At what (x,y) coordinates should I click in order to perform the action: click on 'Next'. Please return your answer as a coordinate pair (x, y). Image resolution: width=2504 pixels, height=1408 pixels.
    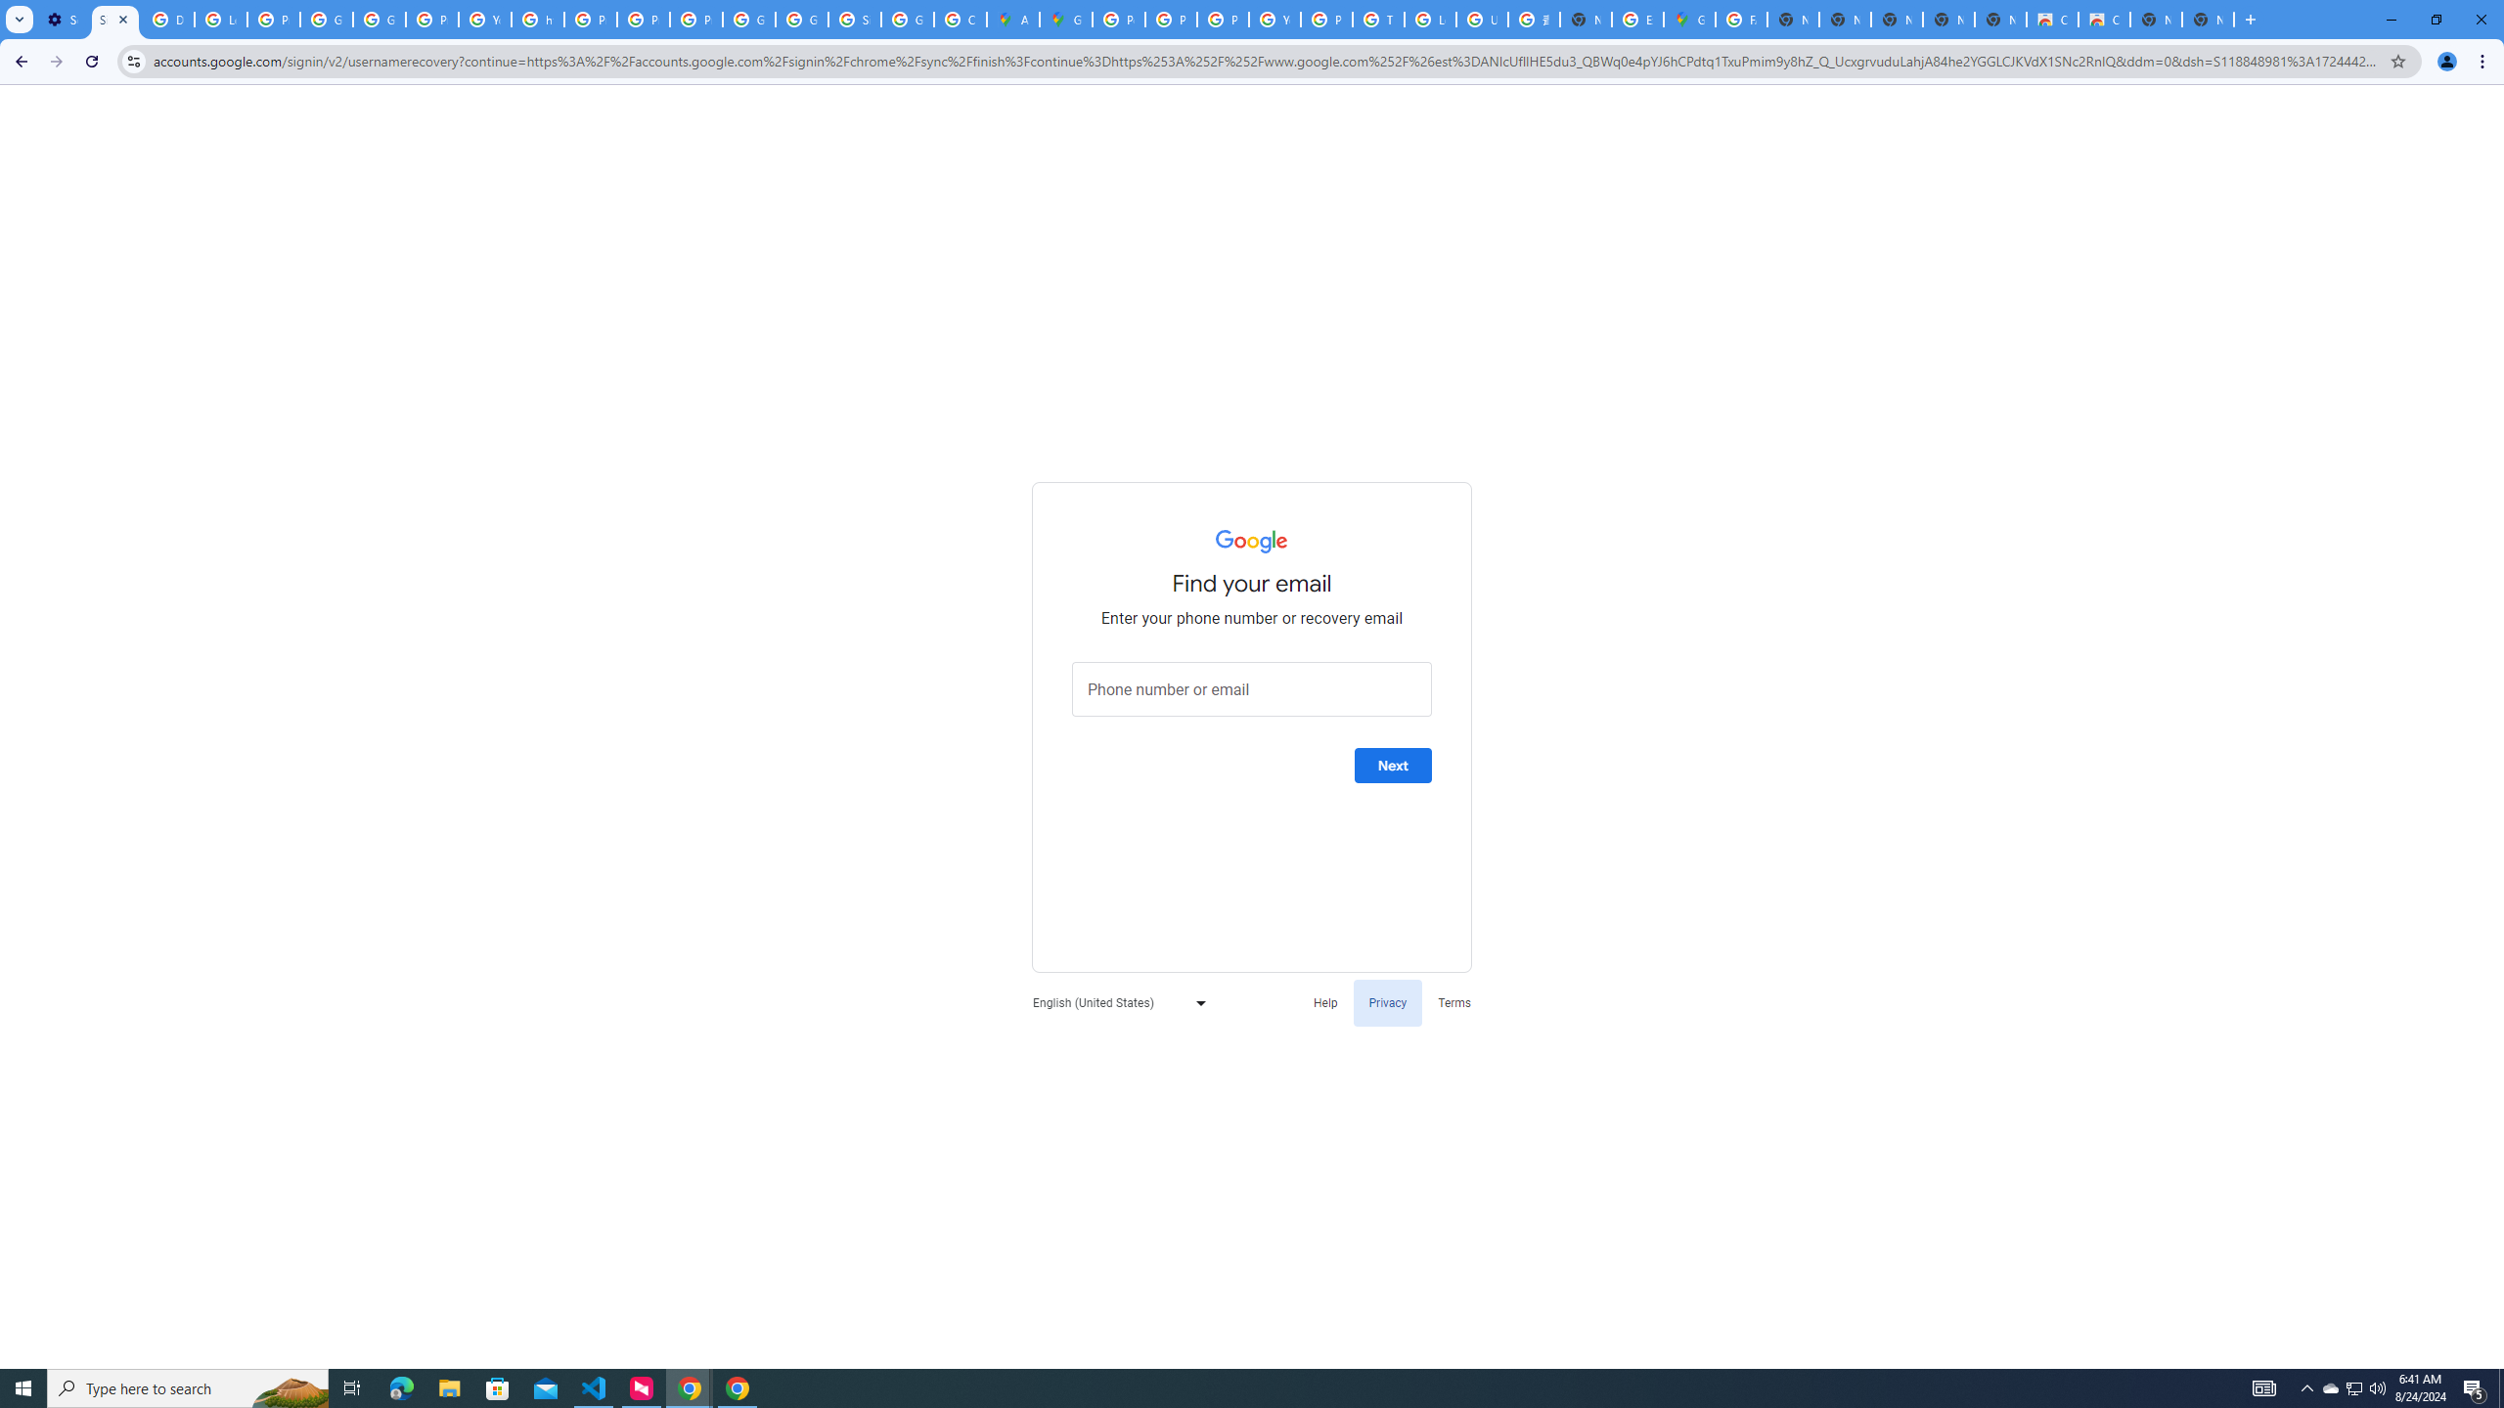
    Looking at the image, I should click on (1392, 765).